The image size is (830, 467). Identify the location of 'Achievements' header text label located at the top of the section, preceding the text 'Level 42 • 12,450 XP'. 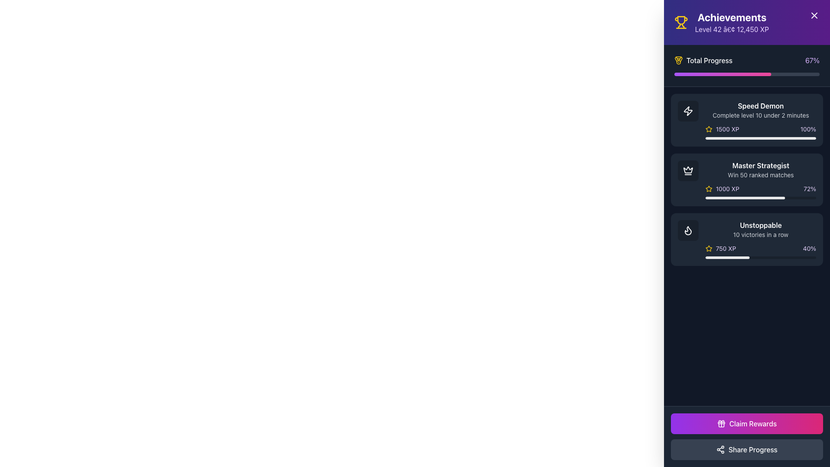
(731, 17).